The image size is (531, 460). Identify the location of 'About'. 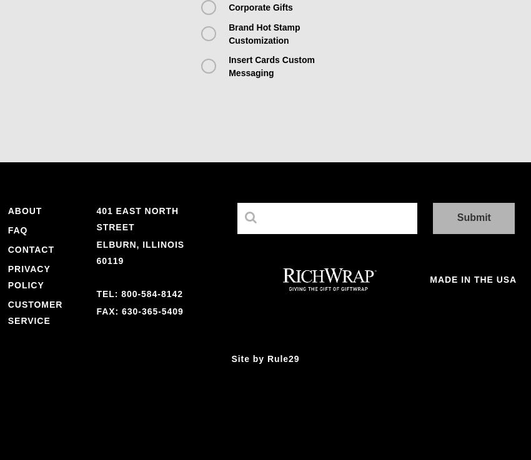
(24, 210).